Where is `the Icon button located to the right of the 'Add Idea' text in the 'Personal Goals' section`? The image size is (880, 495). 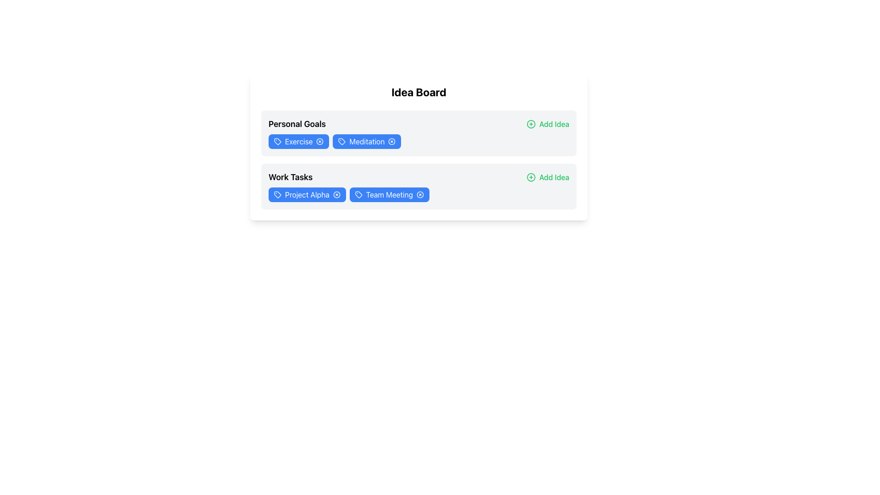 the Icon button located to the right of the 'Add Idea' text in the 'Personal Goals' section is located at coordinates (531, 124).